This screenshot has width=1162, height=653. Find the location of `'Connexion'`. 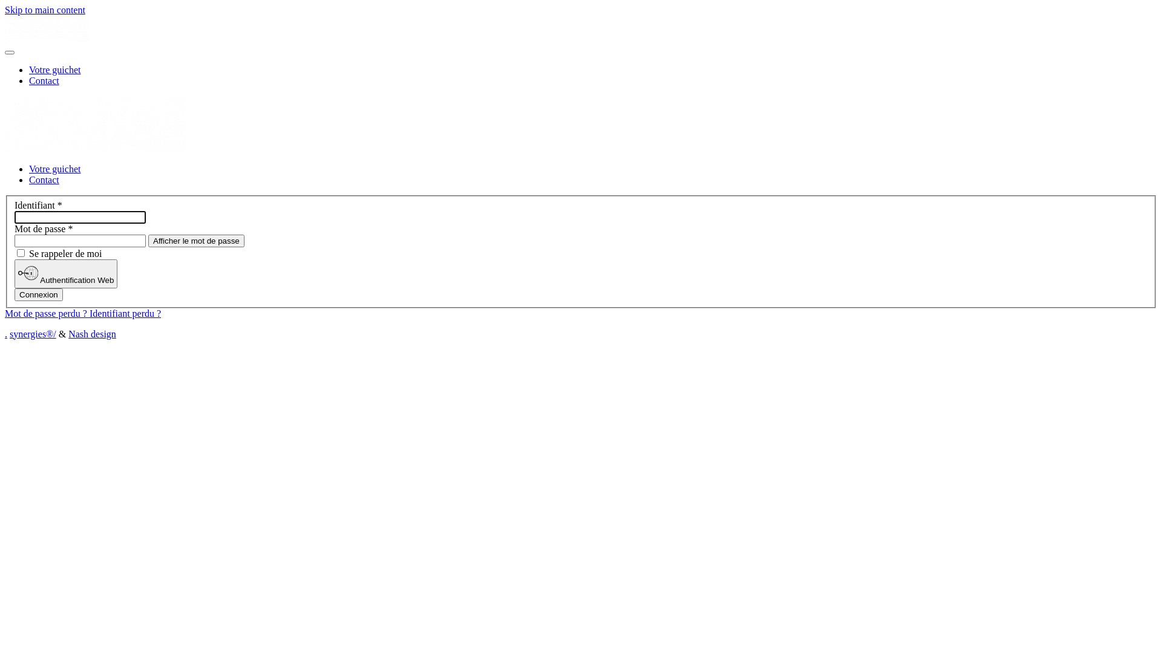

'Connexion' is located at coordinates (38, 294).